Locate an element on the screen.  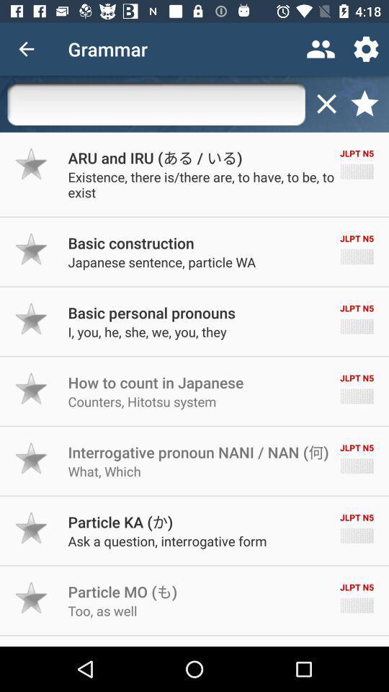
icon next to jlpt n5 item is located at coordinates (131, 243).